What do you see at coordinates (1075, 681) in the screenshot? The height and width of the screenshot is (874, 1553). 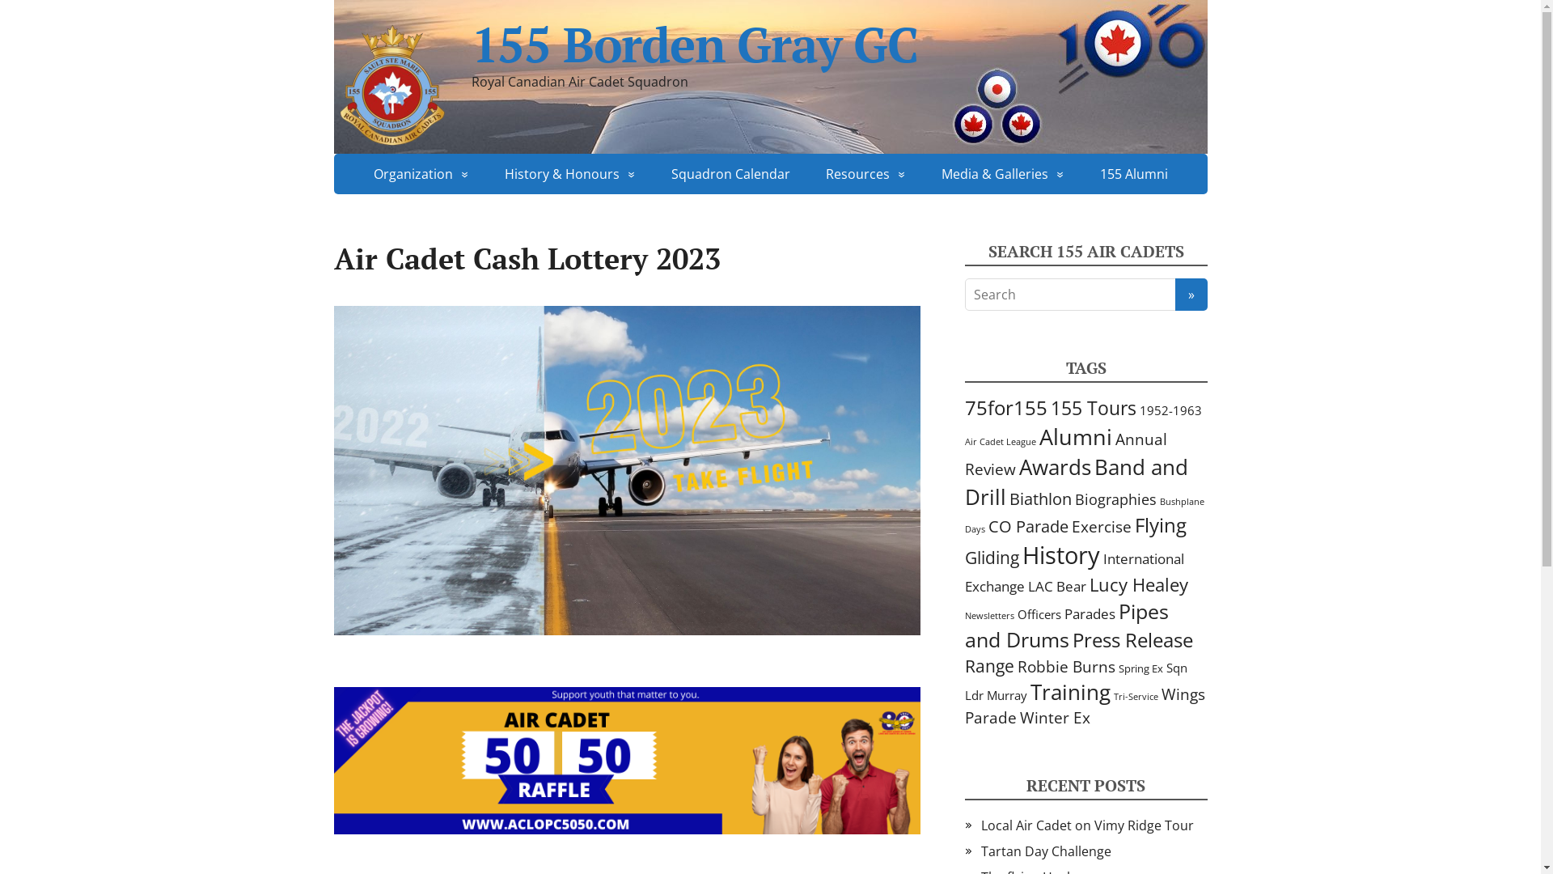 I see `'Sqn Ldr Murray'` at bounding box center [1075, 681].